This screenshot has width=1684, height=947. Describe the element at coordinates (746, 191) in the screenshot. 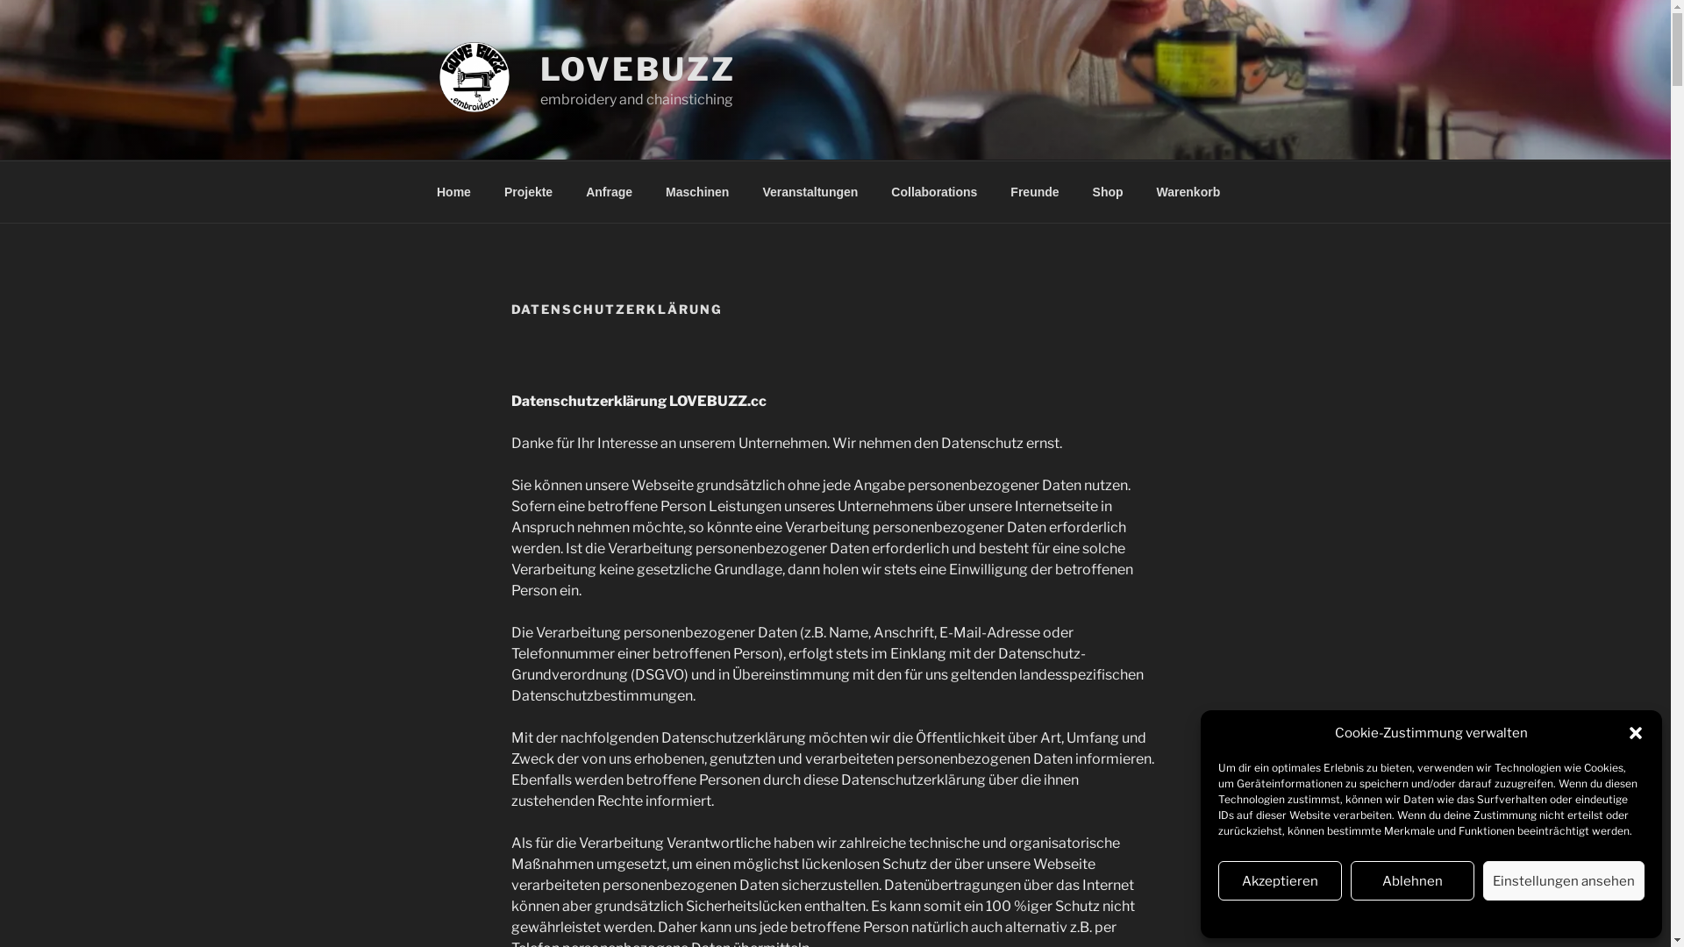

I see `'Veranstaltungen'` at that location.